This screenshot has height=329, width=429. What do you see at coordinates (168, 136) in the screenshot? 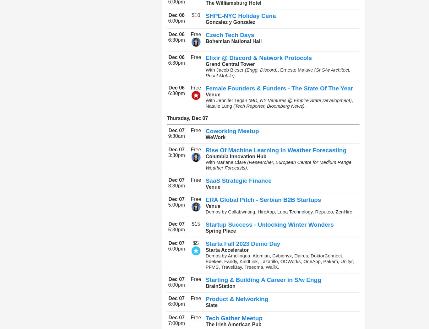
I see `'9:30am'` at bounding box center [168, 136].